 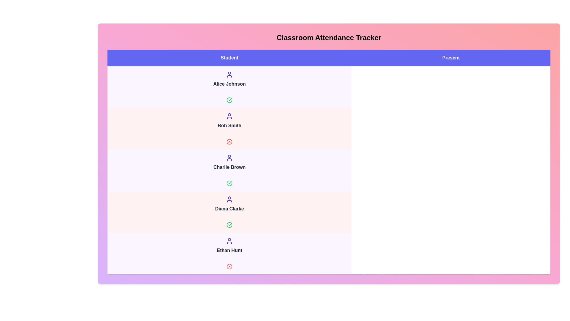 What do you see at coordinates (229, 225) in the screenshot?
I see `the attendance status icon for Diana Clarke to toggle their status` at bounding box center [229, 225].